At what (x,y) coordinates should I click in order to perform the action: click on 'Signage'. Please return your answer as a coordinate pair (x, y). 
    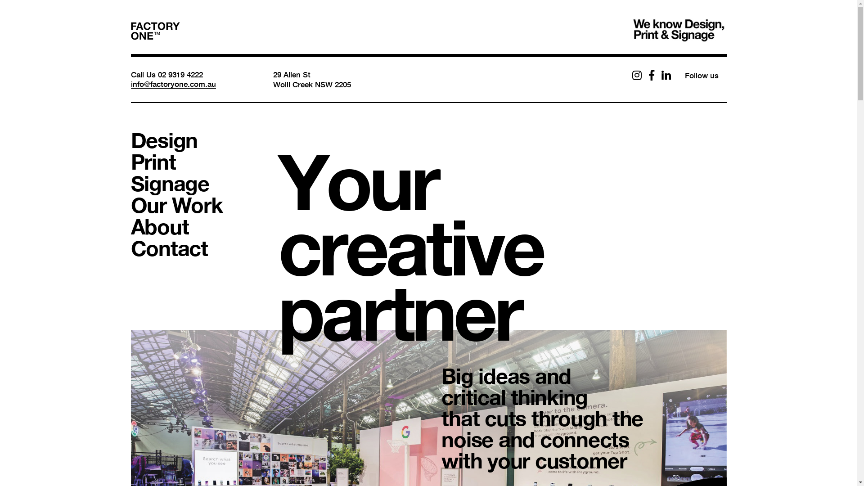
    Looking at the image, I should click on (130, 183).